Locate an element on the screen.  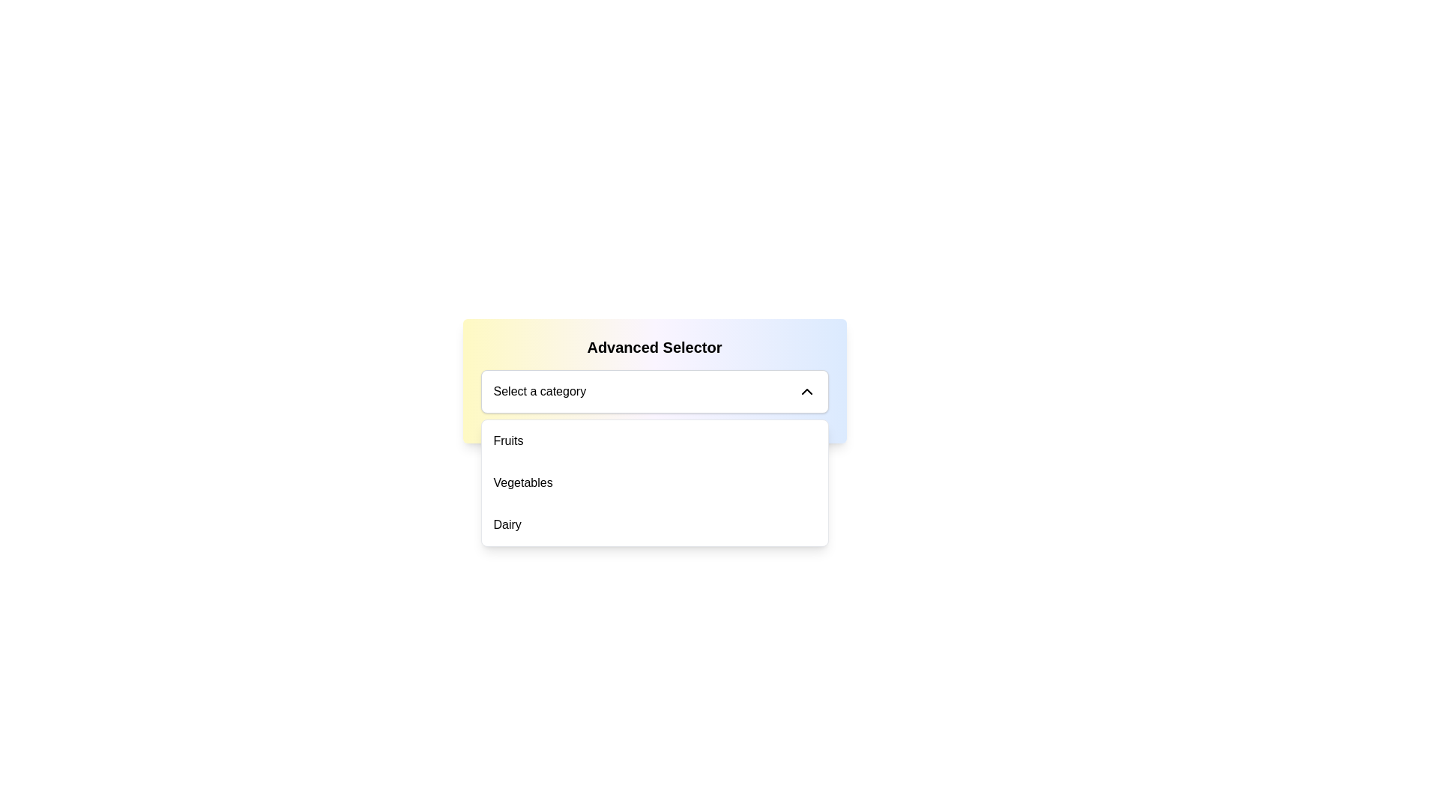
the 'Fruits' text label in the dropdown menu is located at coordinates (508, 440).